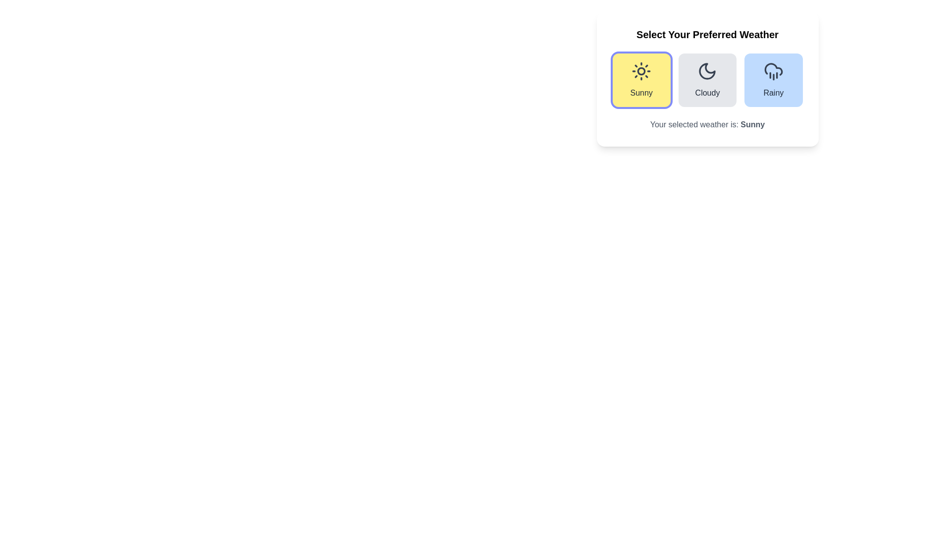 Image resolution: width=951 pixels, height=535 pixels. Describe the element at coordinates (641, 80) in the screenshot. I see `the clickable weather card with a yellow background and a sun icon labeled 'Sunny', which is the leftmost option in a horizontal trio of weather cards` at that location.